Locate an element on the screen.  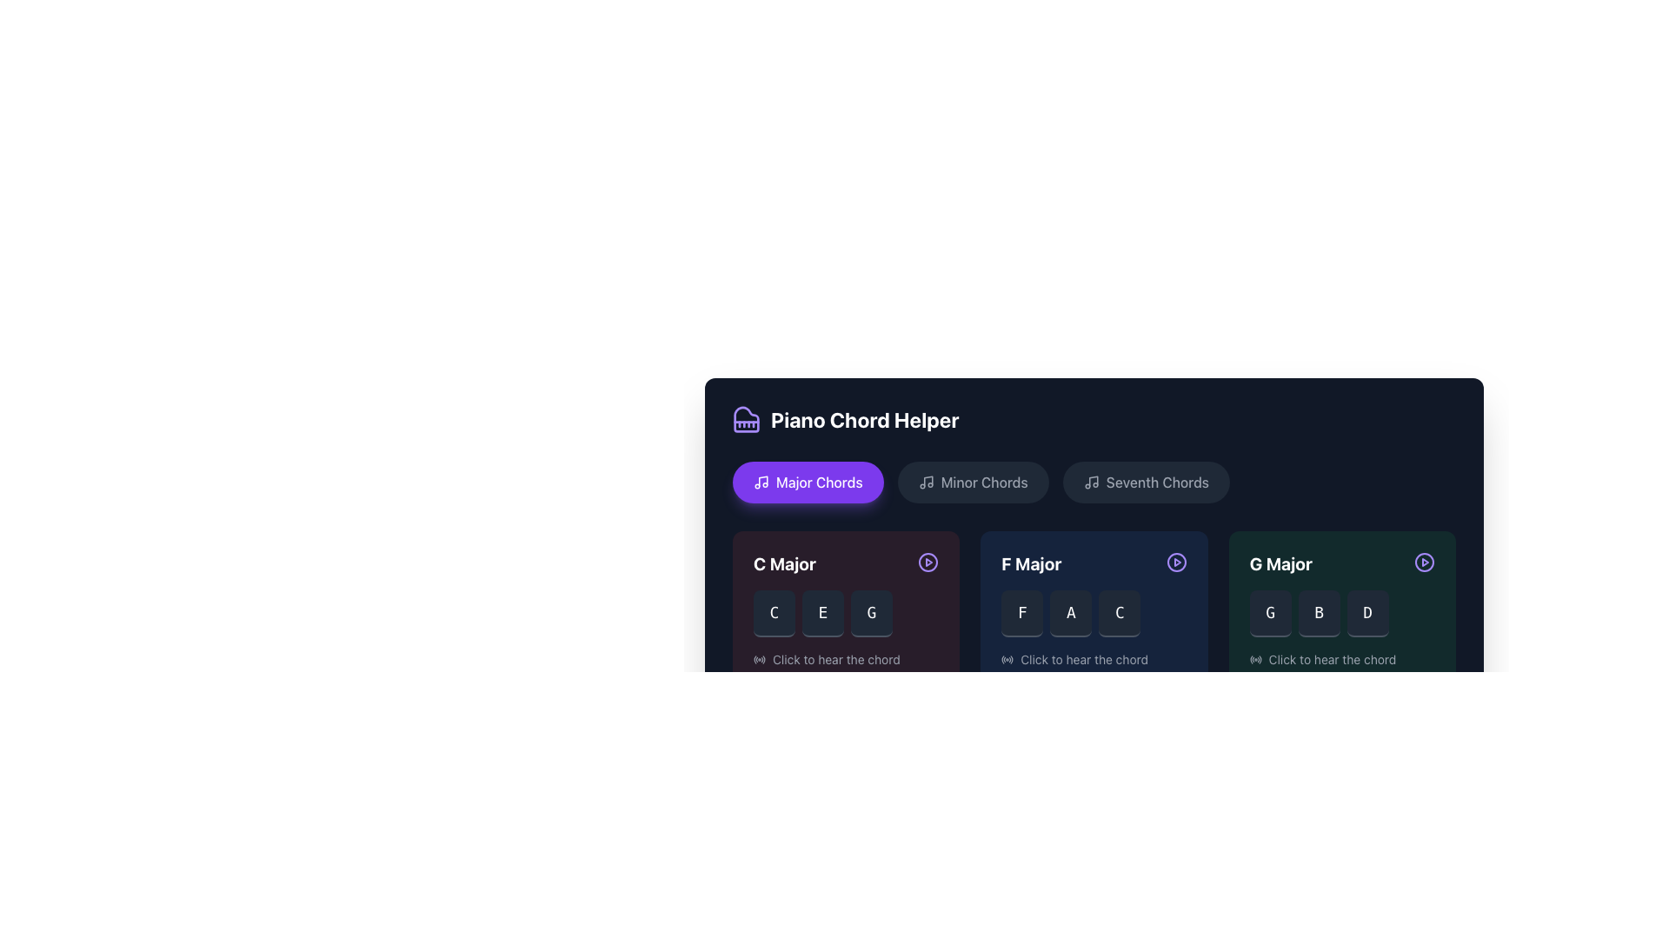
the bold white text label that reads 'C Major', prominently displayed against a dark background, located in the upper-middle section of the interface is located at coordinates (783, 563).